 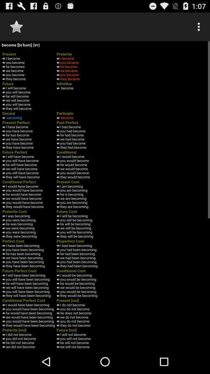 What do you see at coordinates (16, 26) in the screenshot?
I see `fevouride obstion` at bounding box center [16, 26].